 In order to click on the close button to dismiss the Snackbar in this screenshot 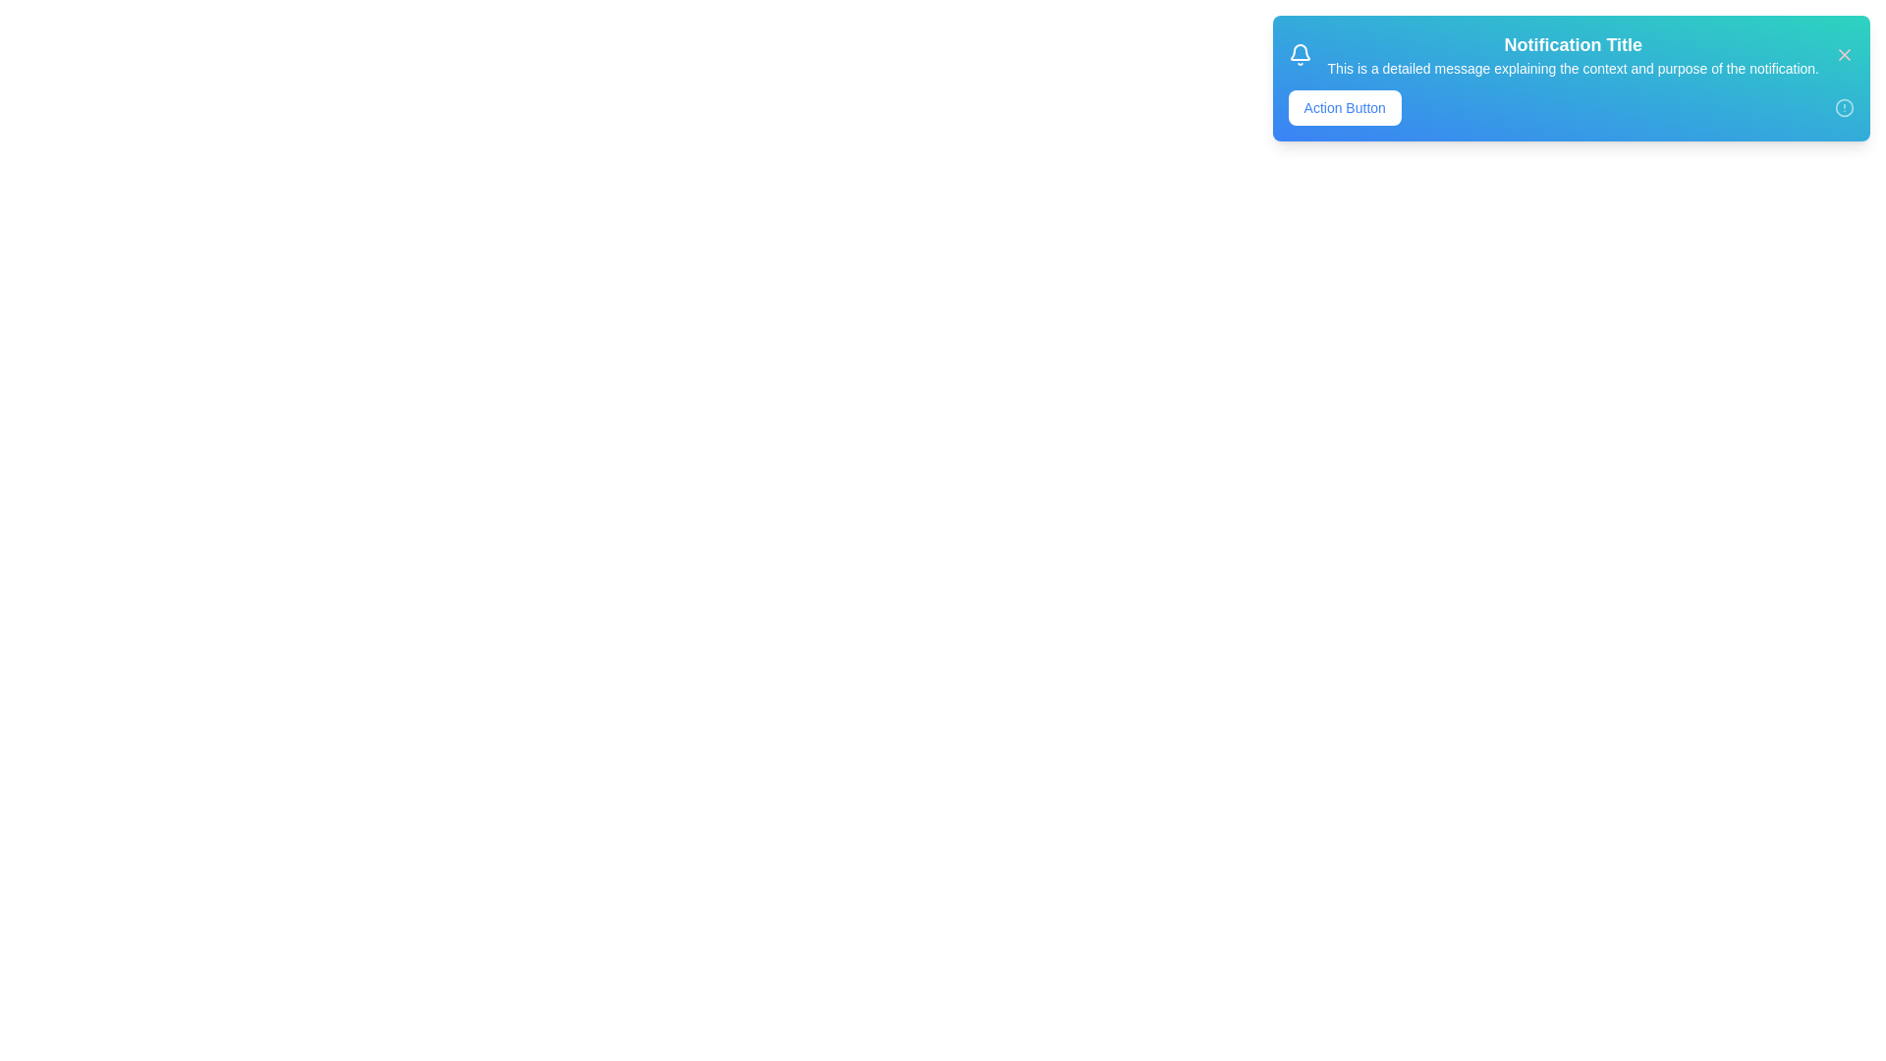, I will do `click(1843, 54)`.